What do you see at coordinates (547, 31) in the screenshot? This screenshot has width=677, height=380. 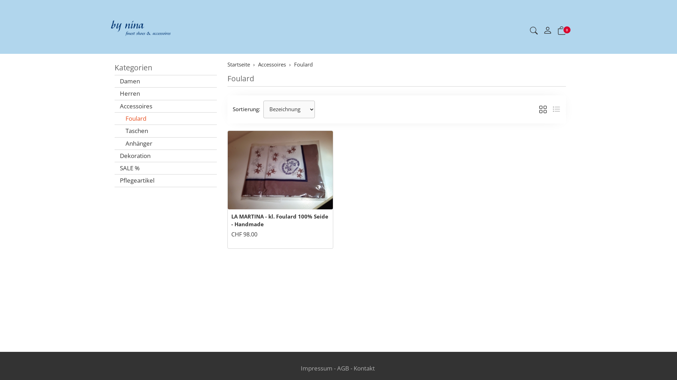 I see `'Mein Konto'` at bounding box center [547, 31].